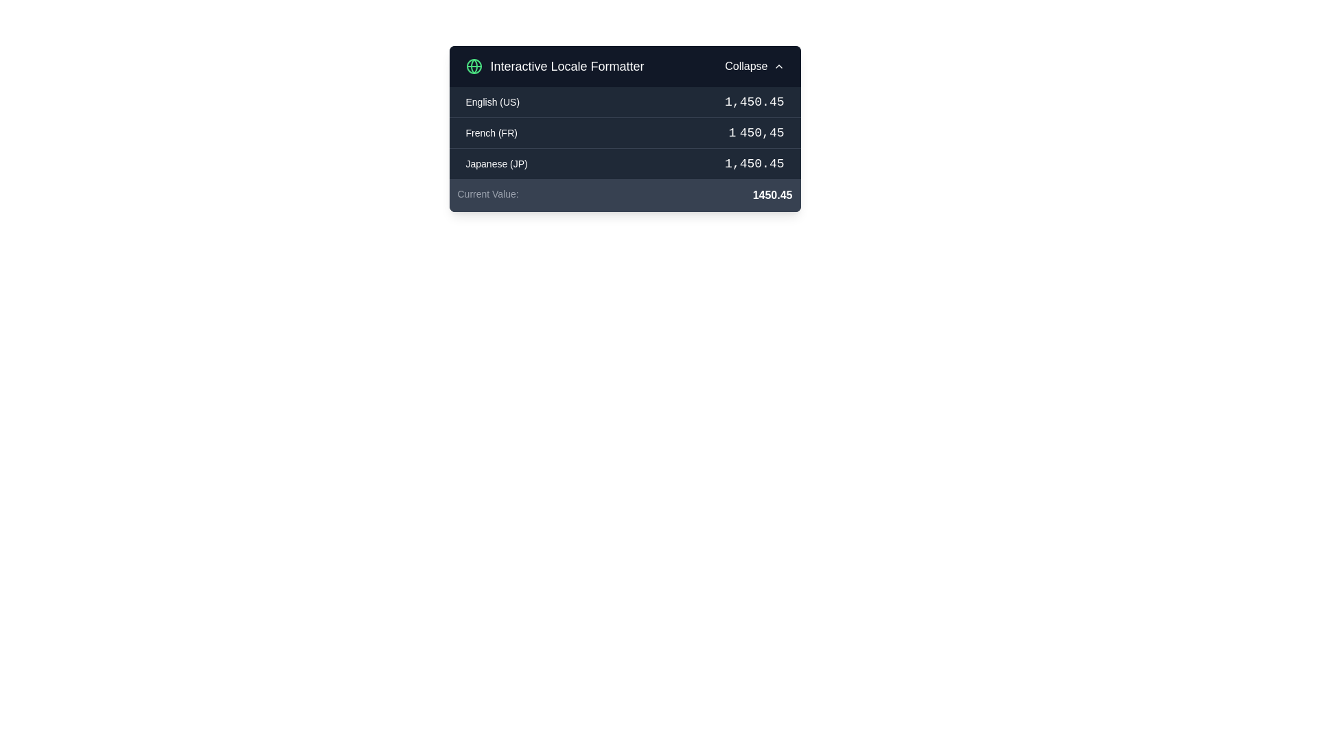  What do you see at coordinates (754, 102) in the screenshot?
I see `the static text display showing the numeric value '1,450.45', which is styled in a mono-spaced font and located at the rightmost part of the entry next to 'English (US)'` at bounding box center [754, 102].